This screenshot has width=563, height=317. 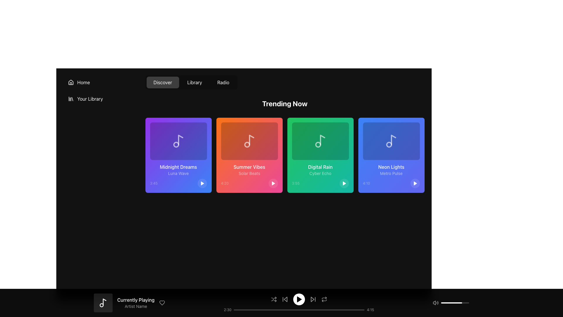 What do you see at coordinates (366, 183) in the screenshot?
I see `duration or timing indicated by the Text label located at the bottom left corner of the blue card labeled 'Neon Lights' by 'Metro Pulse'` at bounding box center [366, 183].